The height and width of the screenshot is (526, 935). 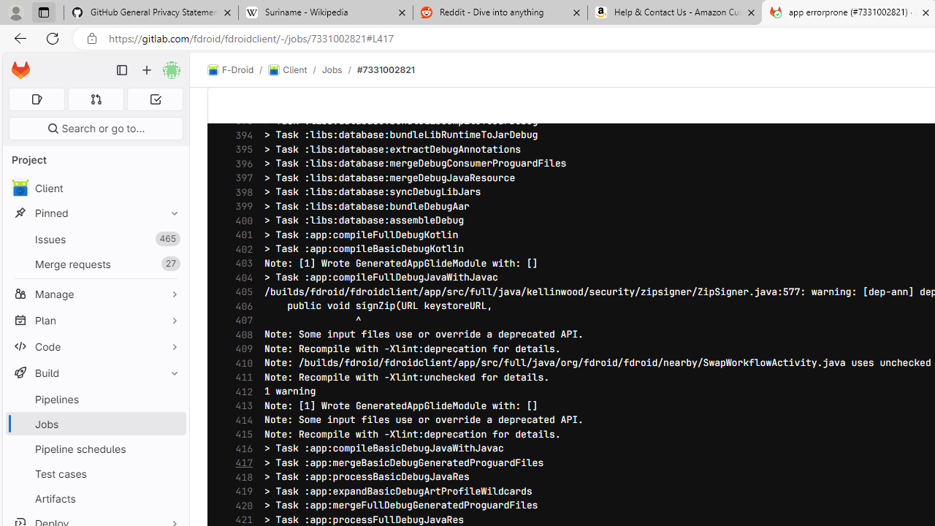 What do you see at coordinates (240, 376) in the screenshot?
I see `'411'` at bounding box center [240, 376].